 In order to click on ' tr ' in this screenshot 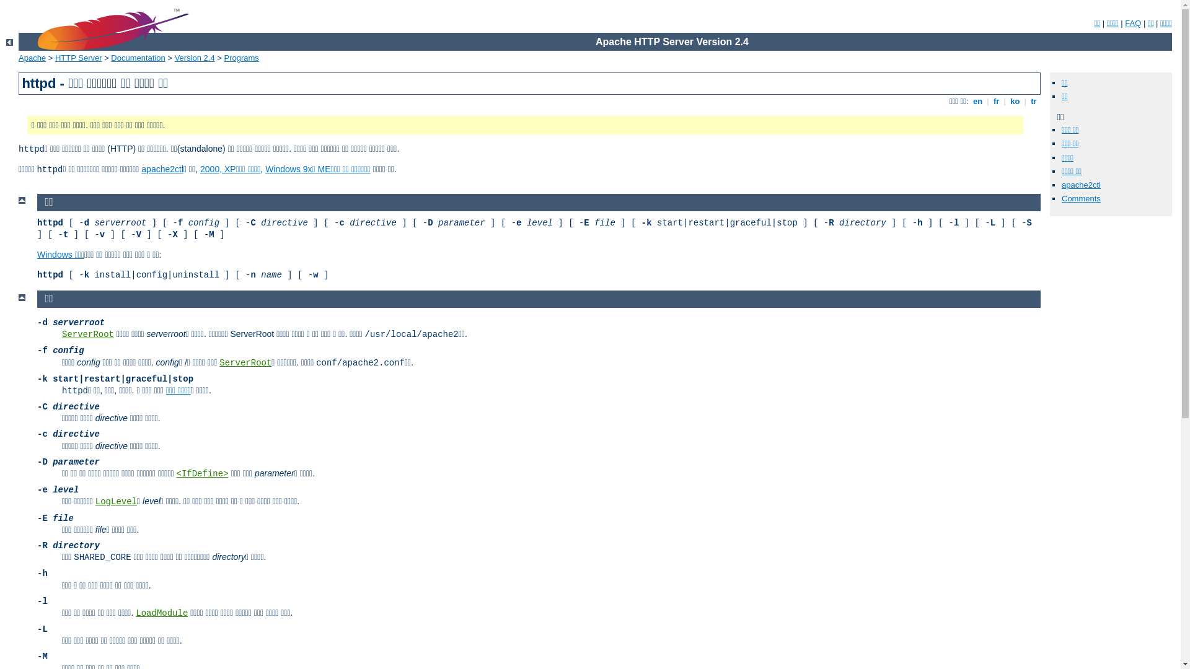, I will do `click(1029, 100)`.